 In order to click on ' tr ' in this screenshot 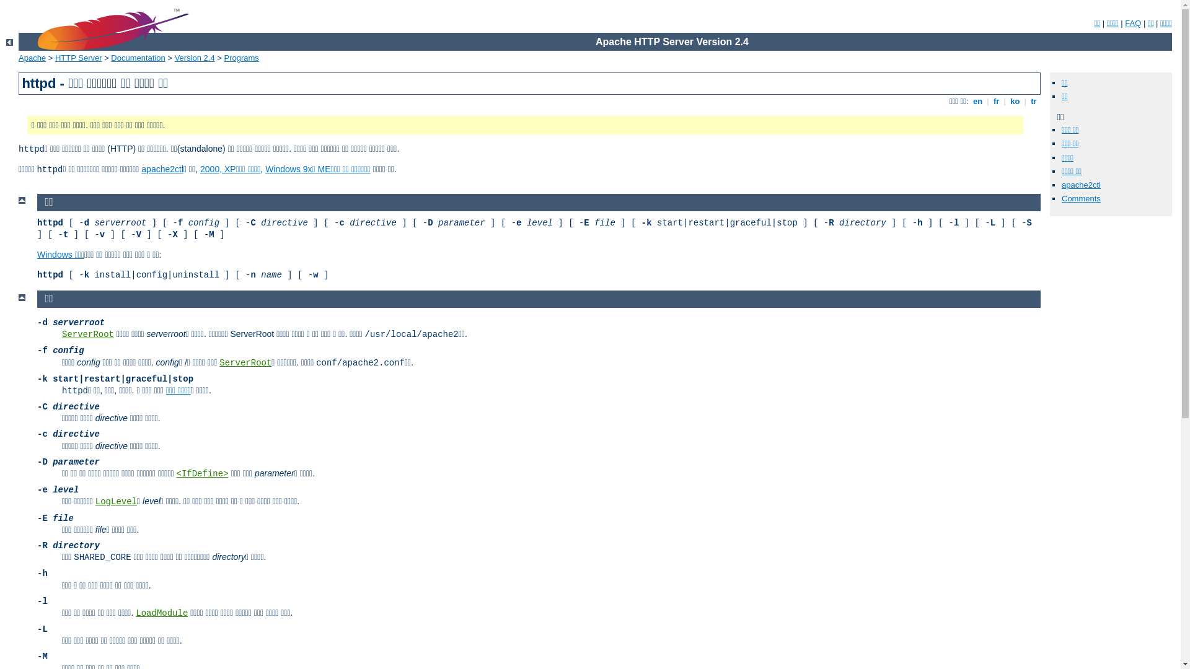, I will do `click(1029, 100)`.